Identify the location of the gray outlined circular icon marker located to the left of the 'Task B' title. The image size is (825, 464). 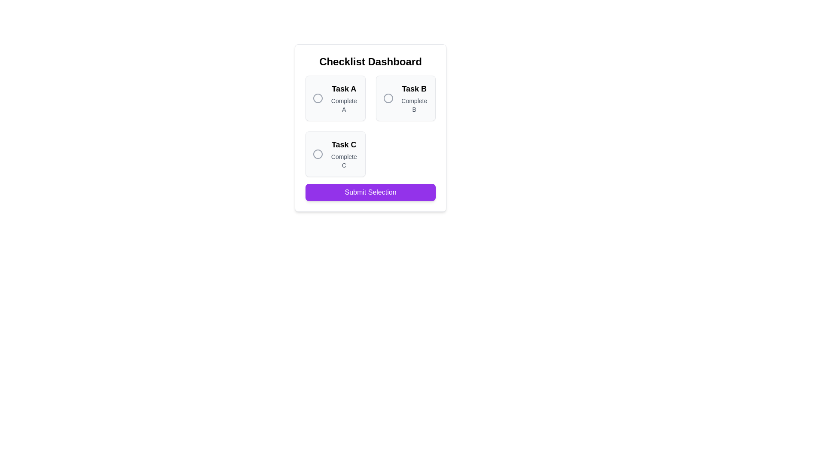
(388, 98).